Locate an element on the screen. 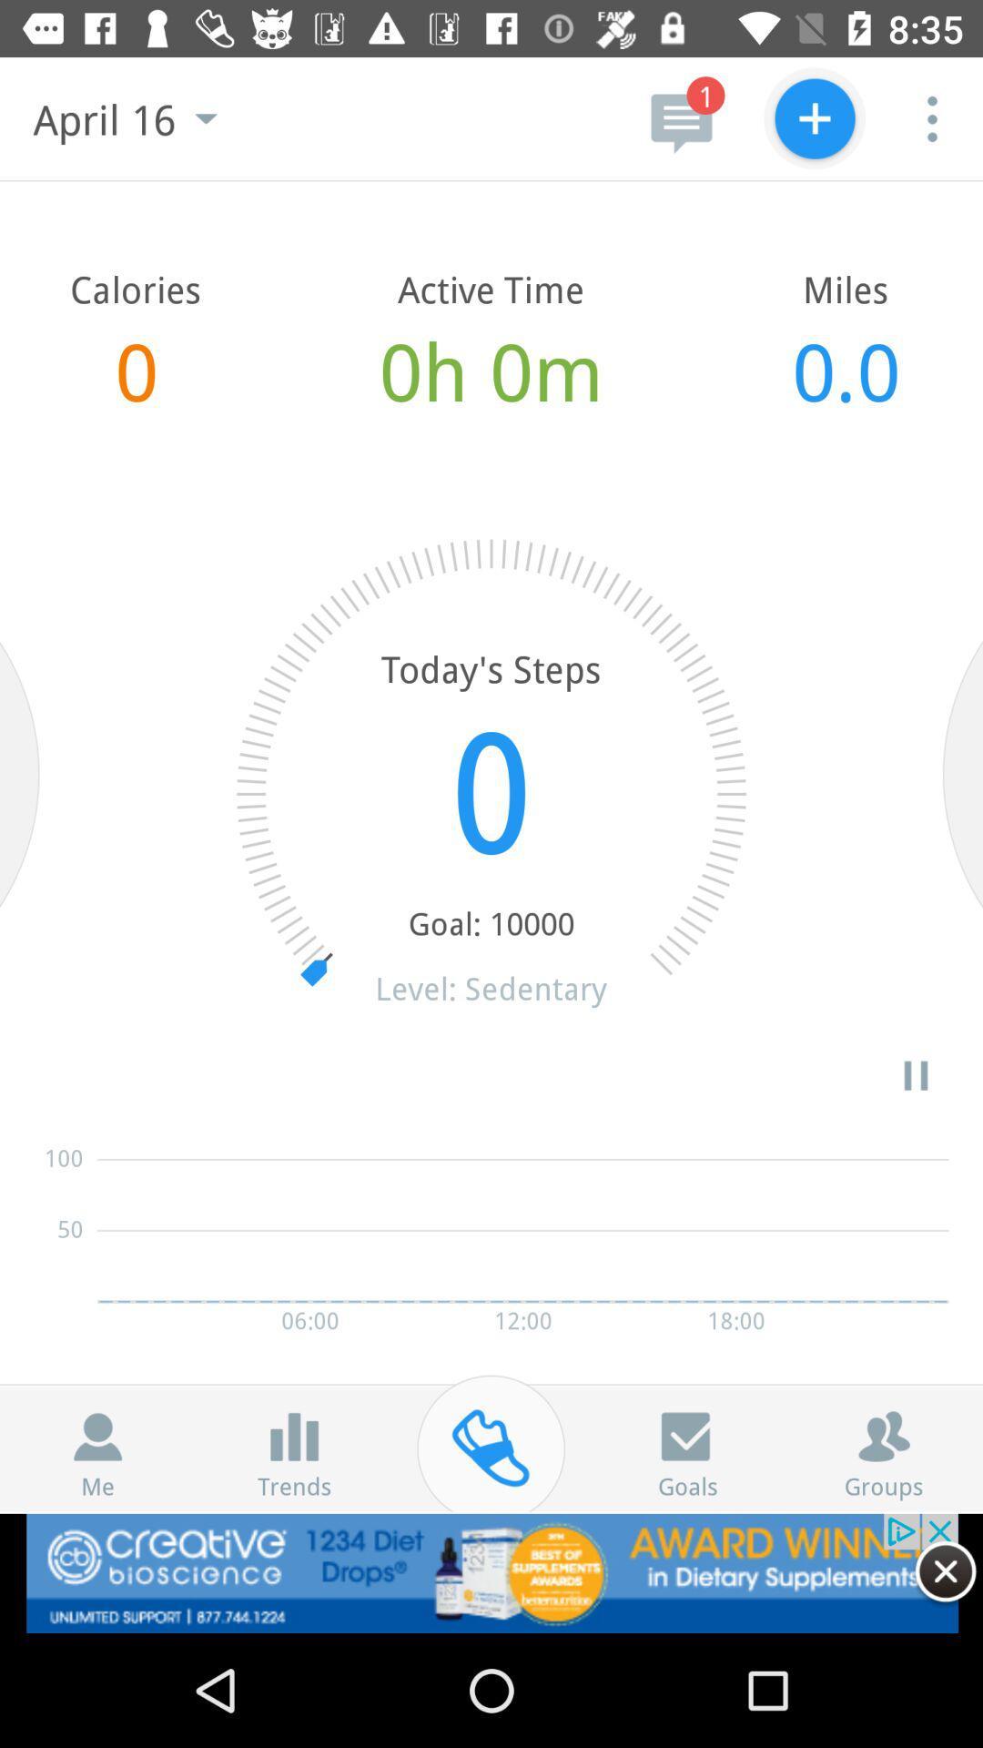 The image size is (983, 1748). the check icon is located at coordinates (687, 1436).